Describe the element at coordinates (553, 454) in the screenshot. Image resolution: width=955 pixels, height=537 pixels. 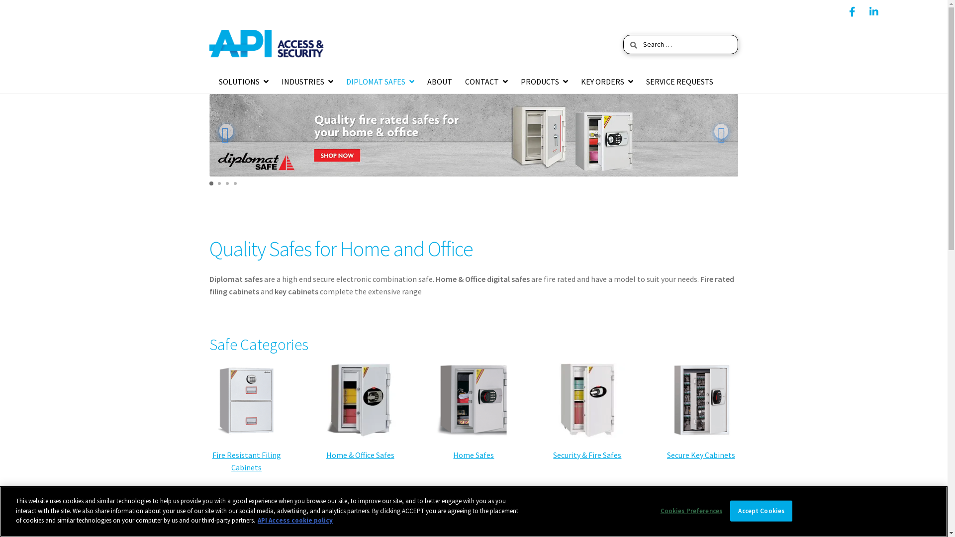
I see `'Security & Fire Safes'` at that location.